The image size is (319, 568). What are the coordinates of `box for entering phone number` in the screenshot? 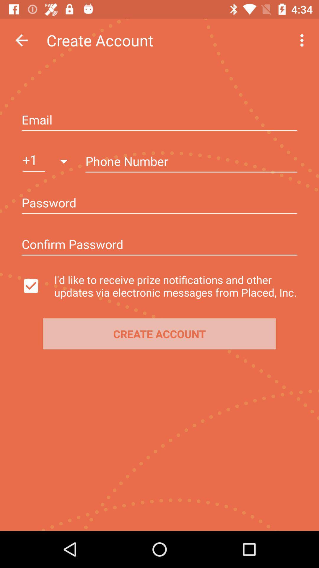 It's located at (191, 162).